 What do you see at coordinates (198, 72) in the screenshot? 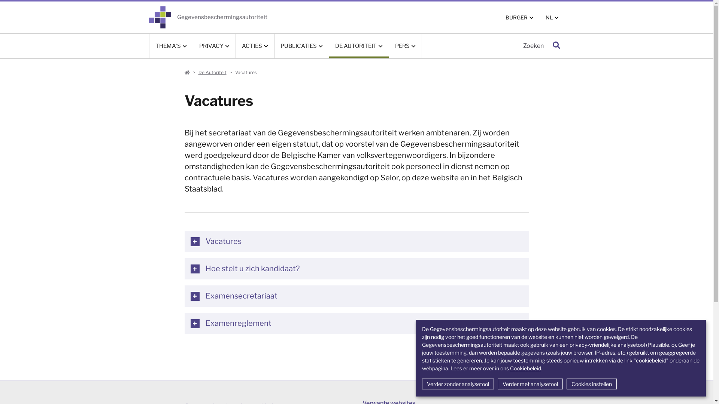
I see `'De Autoriteit'` at bounding box center [198, 72].